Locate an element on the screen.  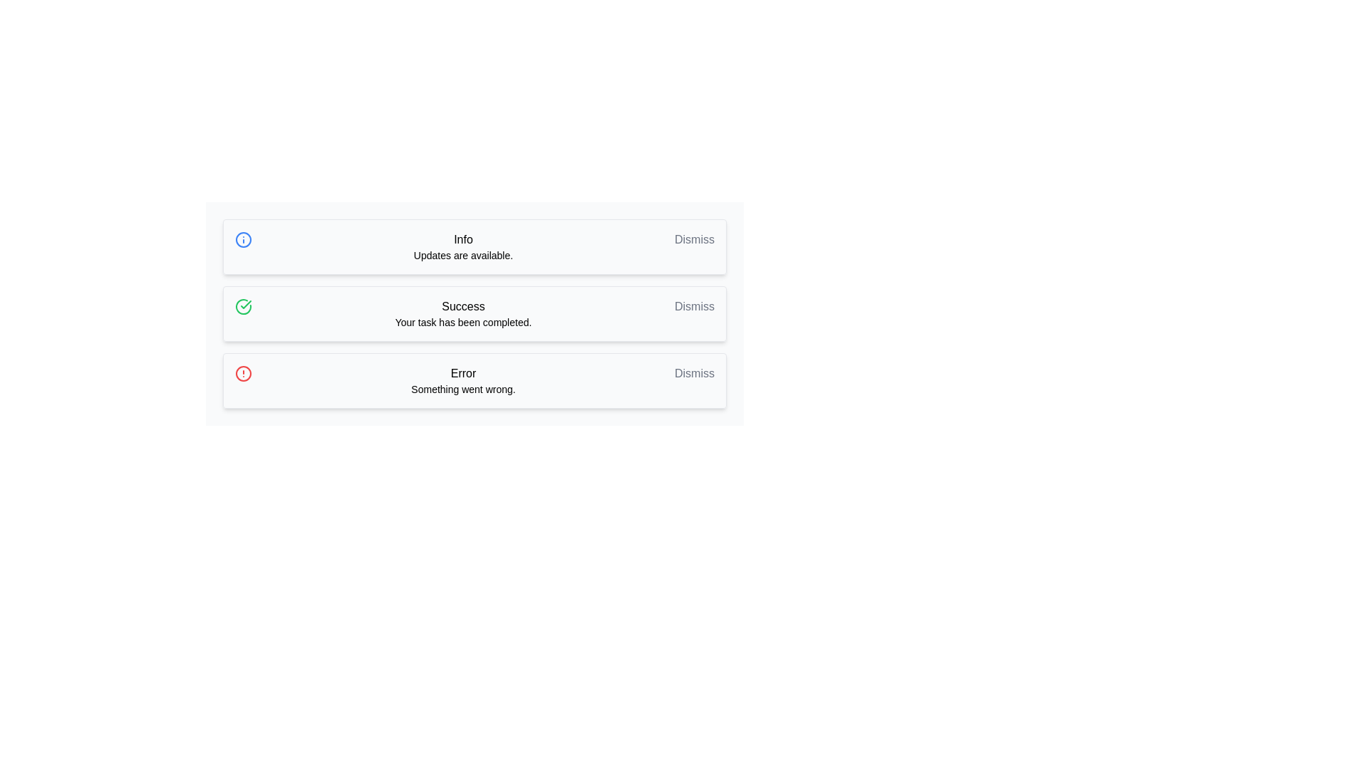
the 'Dismiss' button located in the top-right corner of the 'Error' notification block is located at coordinates (694, 372).